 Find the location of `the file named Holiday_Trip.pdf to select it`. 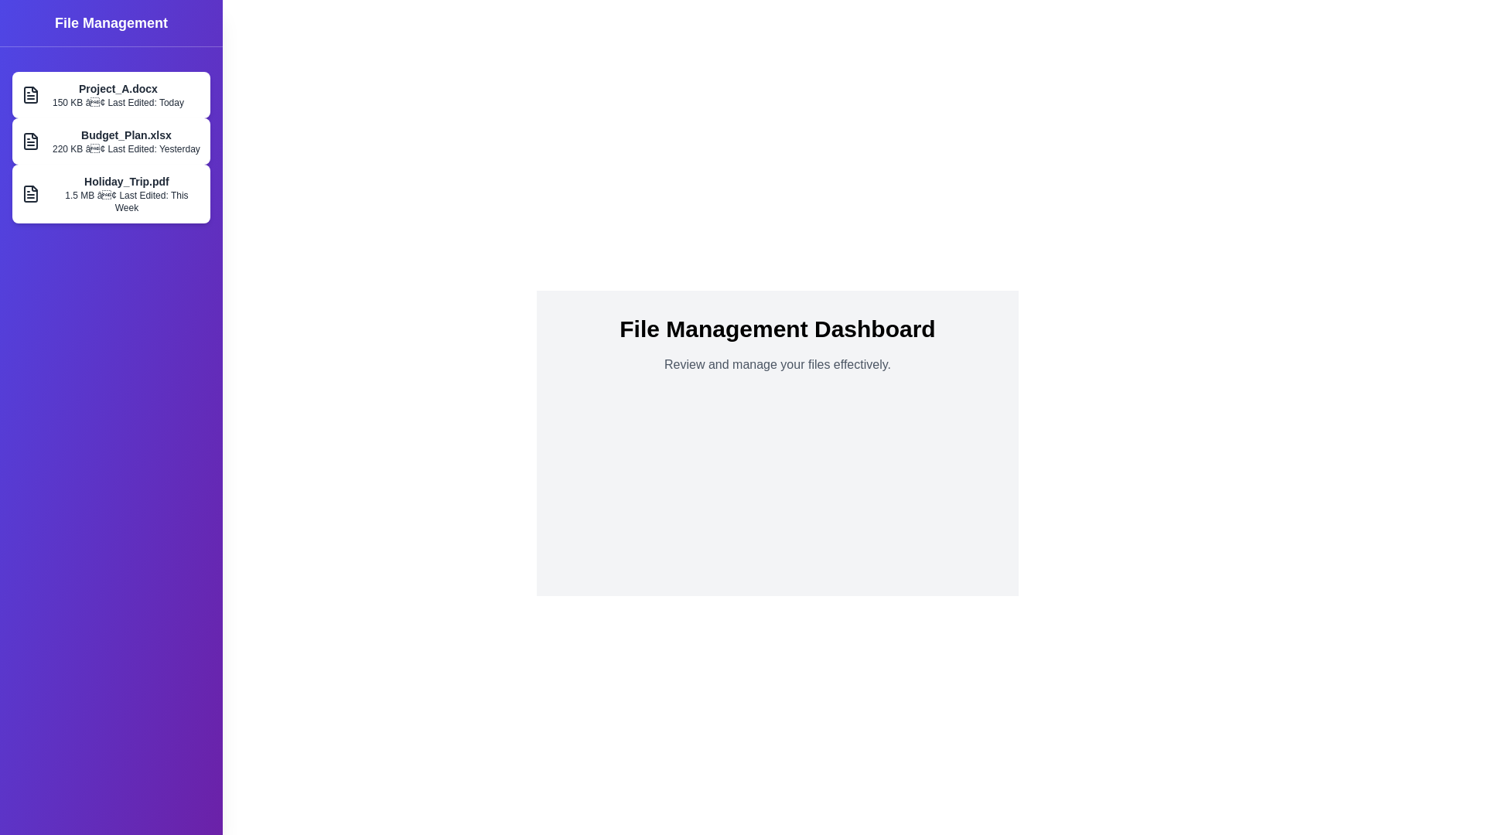

the file named Holiday_Trip.pdf to select it is located at coordinates (111, 193).